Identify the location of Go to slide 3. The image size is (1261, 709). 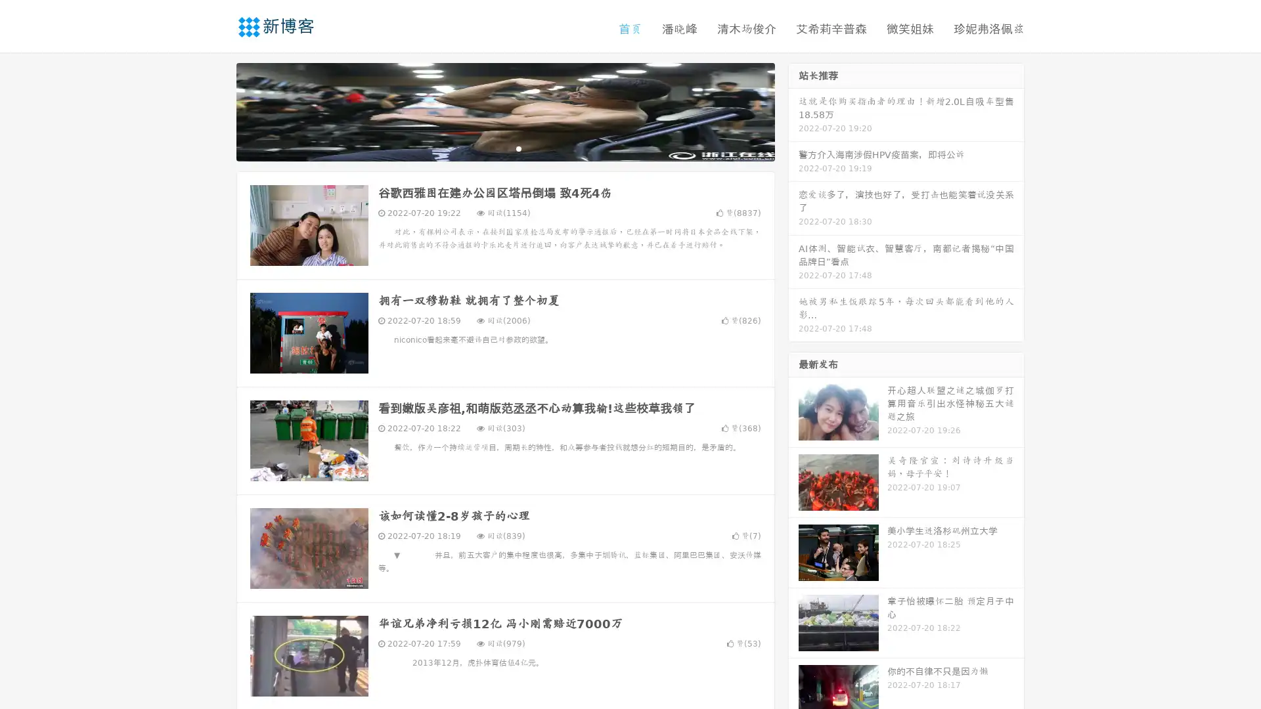
(518, 148).